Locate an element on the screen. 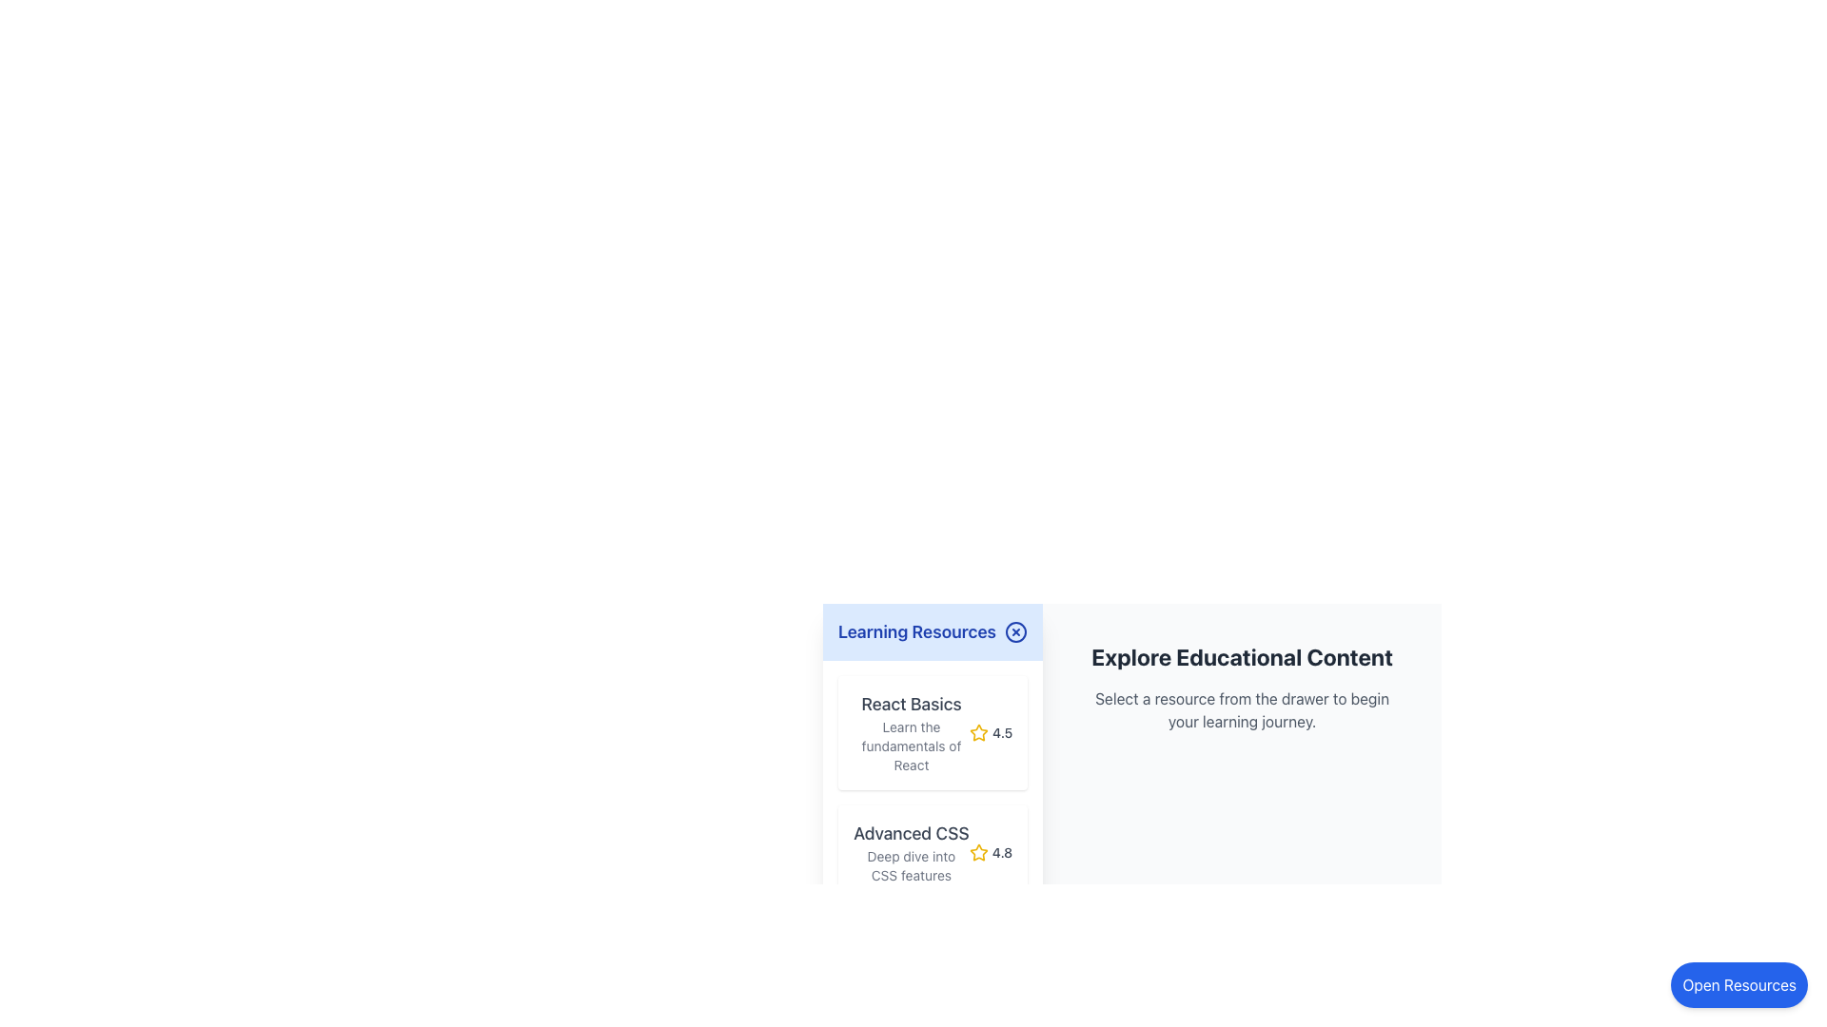 The image size is (1827, 1027). the header of the panel, which includes a close button and serves as the title for the panel, to bring up a context menu is located at coordinates (933, 631).